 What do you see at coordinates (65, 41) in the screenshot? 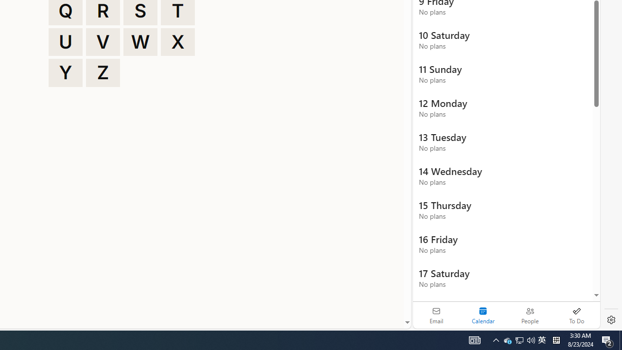
I see `'U'` at bounding box center [65, 41].